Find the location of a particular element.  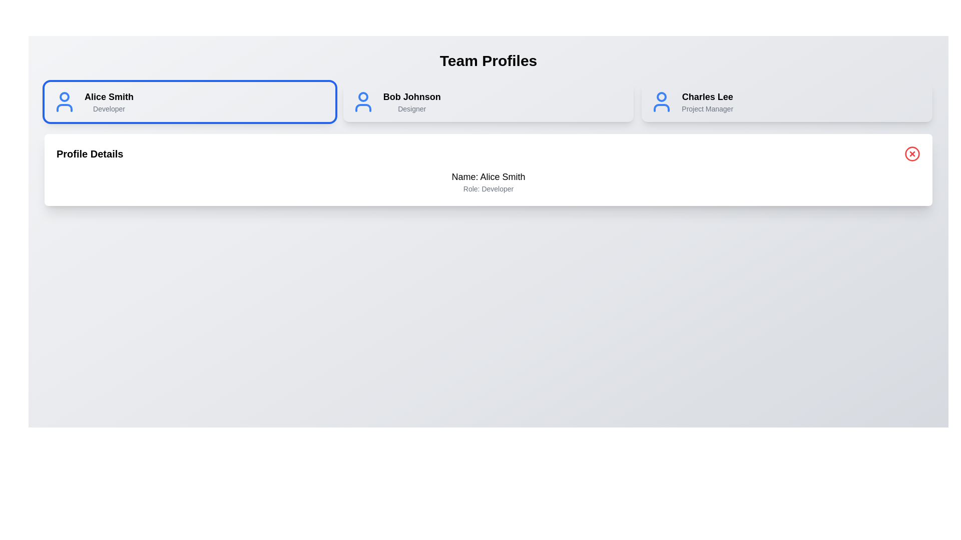

the text block displaying the team member's name and role information in the top-left segment of the interface under the 'Team Profiles' section is located at coordinates (109, 102).